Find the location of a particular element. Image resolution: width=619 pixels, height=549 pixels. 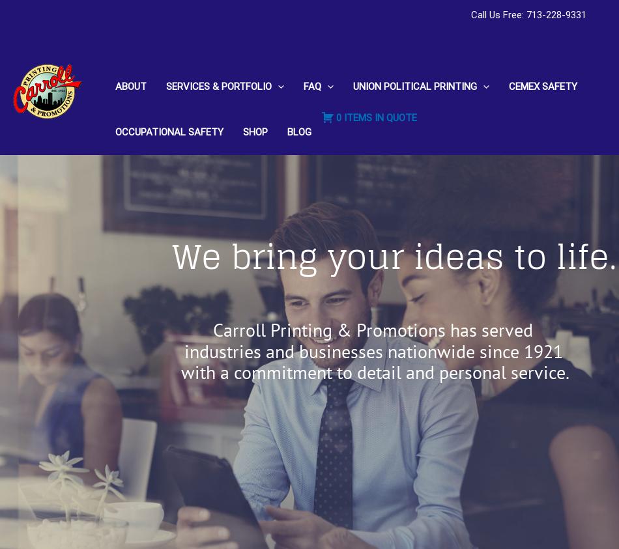

'FAQ' is located at coordinates (302, 85).